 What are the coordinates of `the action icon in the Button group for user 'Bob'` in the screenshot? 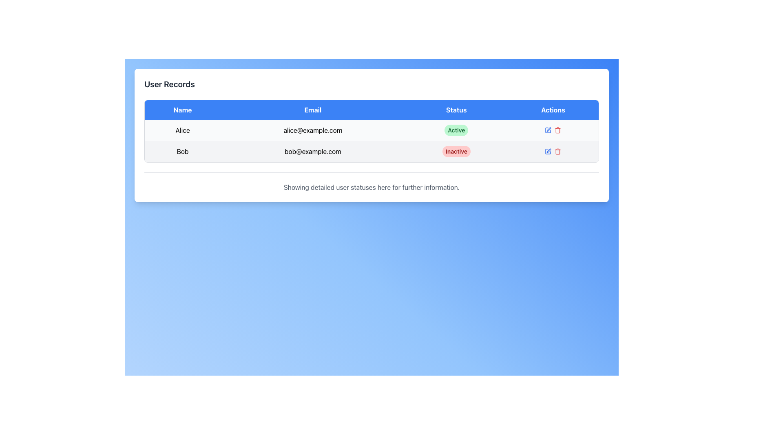 It's located at (553, 151).